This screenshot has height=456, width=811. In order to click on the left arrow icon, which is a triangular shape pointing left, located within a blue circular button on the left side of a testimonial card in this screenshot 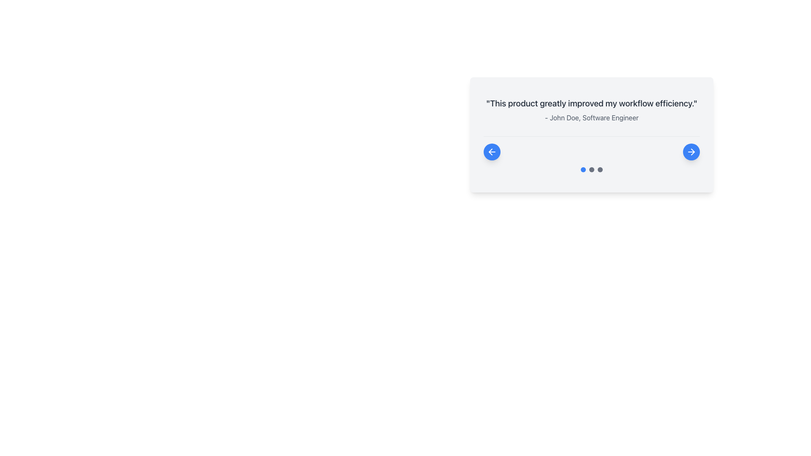, I will do `click(490, 151)`.